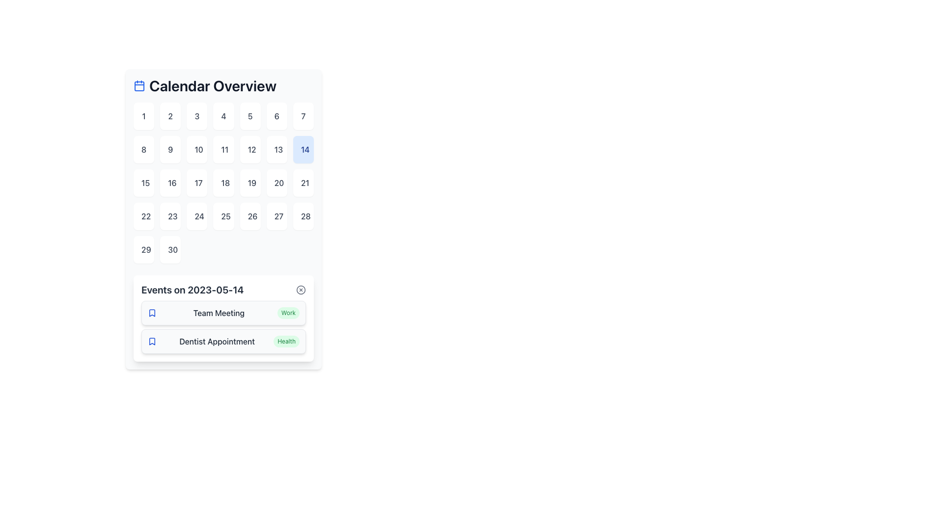 The width and height of the screenshot is (943, 530). Describe the element at coordinates (250, 215) in the screenshot. I see `the date button labeled '26'` at that location.